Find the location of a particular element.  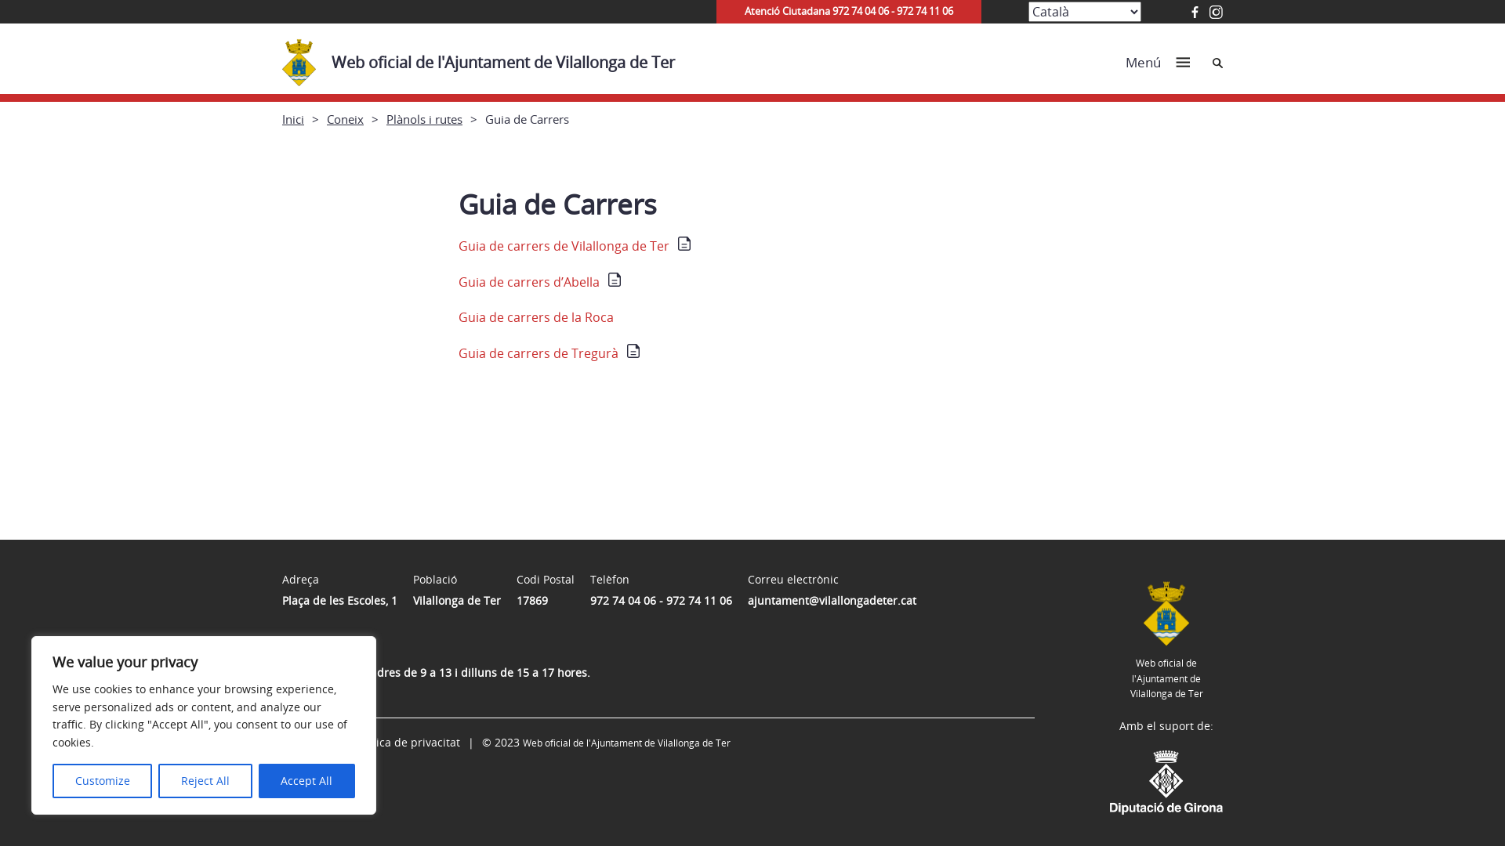

'Customize' is located at coordinates (101, 780).